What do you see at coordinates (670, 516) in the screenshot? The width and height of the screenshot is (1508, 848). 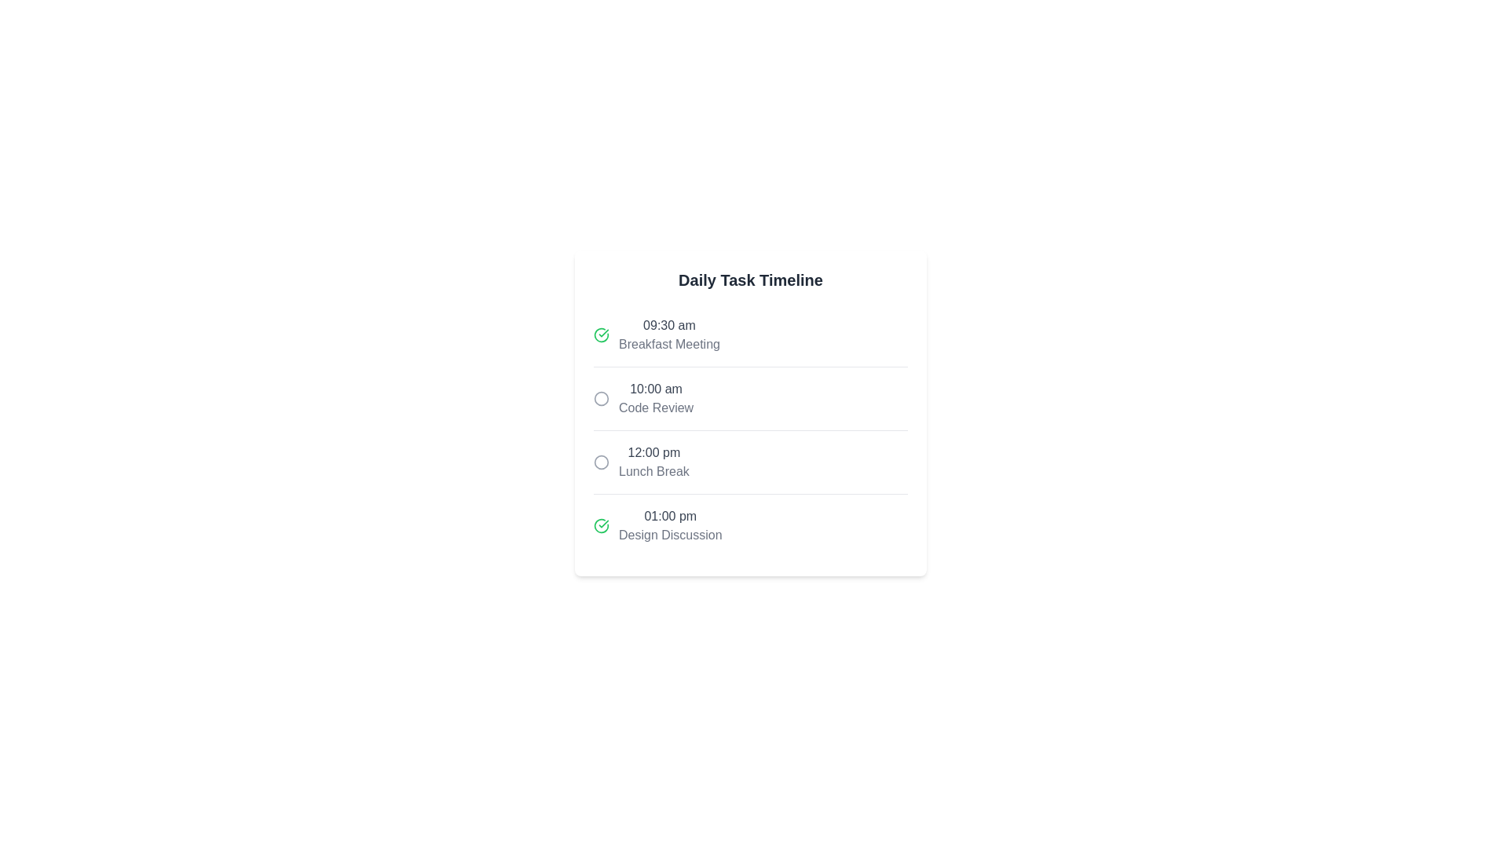 I see `the time label displaying '01:00 pm', which is part of a schedule or timeline interface, located in the fourth row and aligned with a green checkmark icon` at bounding box center [670, 516].